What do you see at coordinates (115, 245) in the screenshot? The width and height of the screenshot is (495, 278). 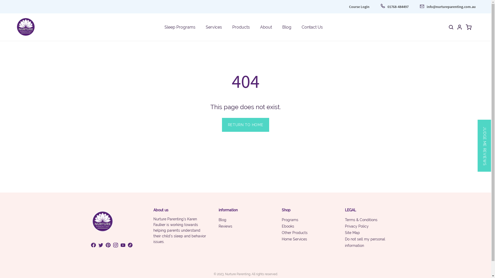 I see `'View Nurture Parenting Shop on Instagram'` at bounding box center [115, 245].